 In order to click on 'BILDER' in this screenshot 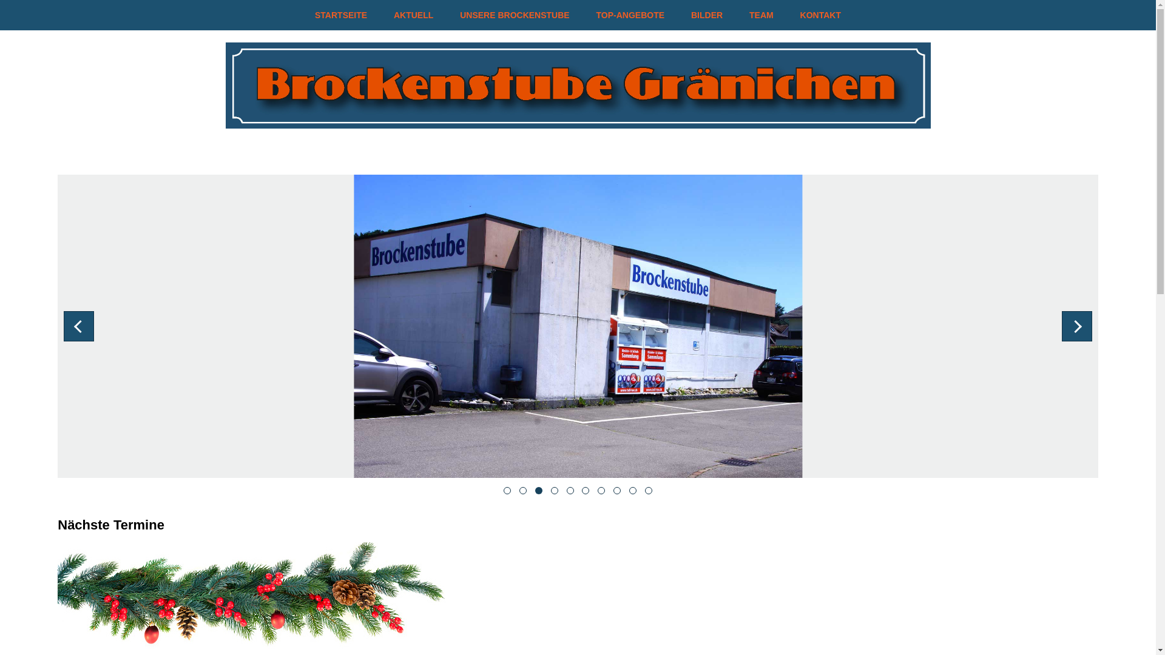, I will do `click(707, 15)`.